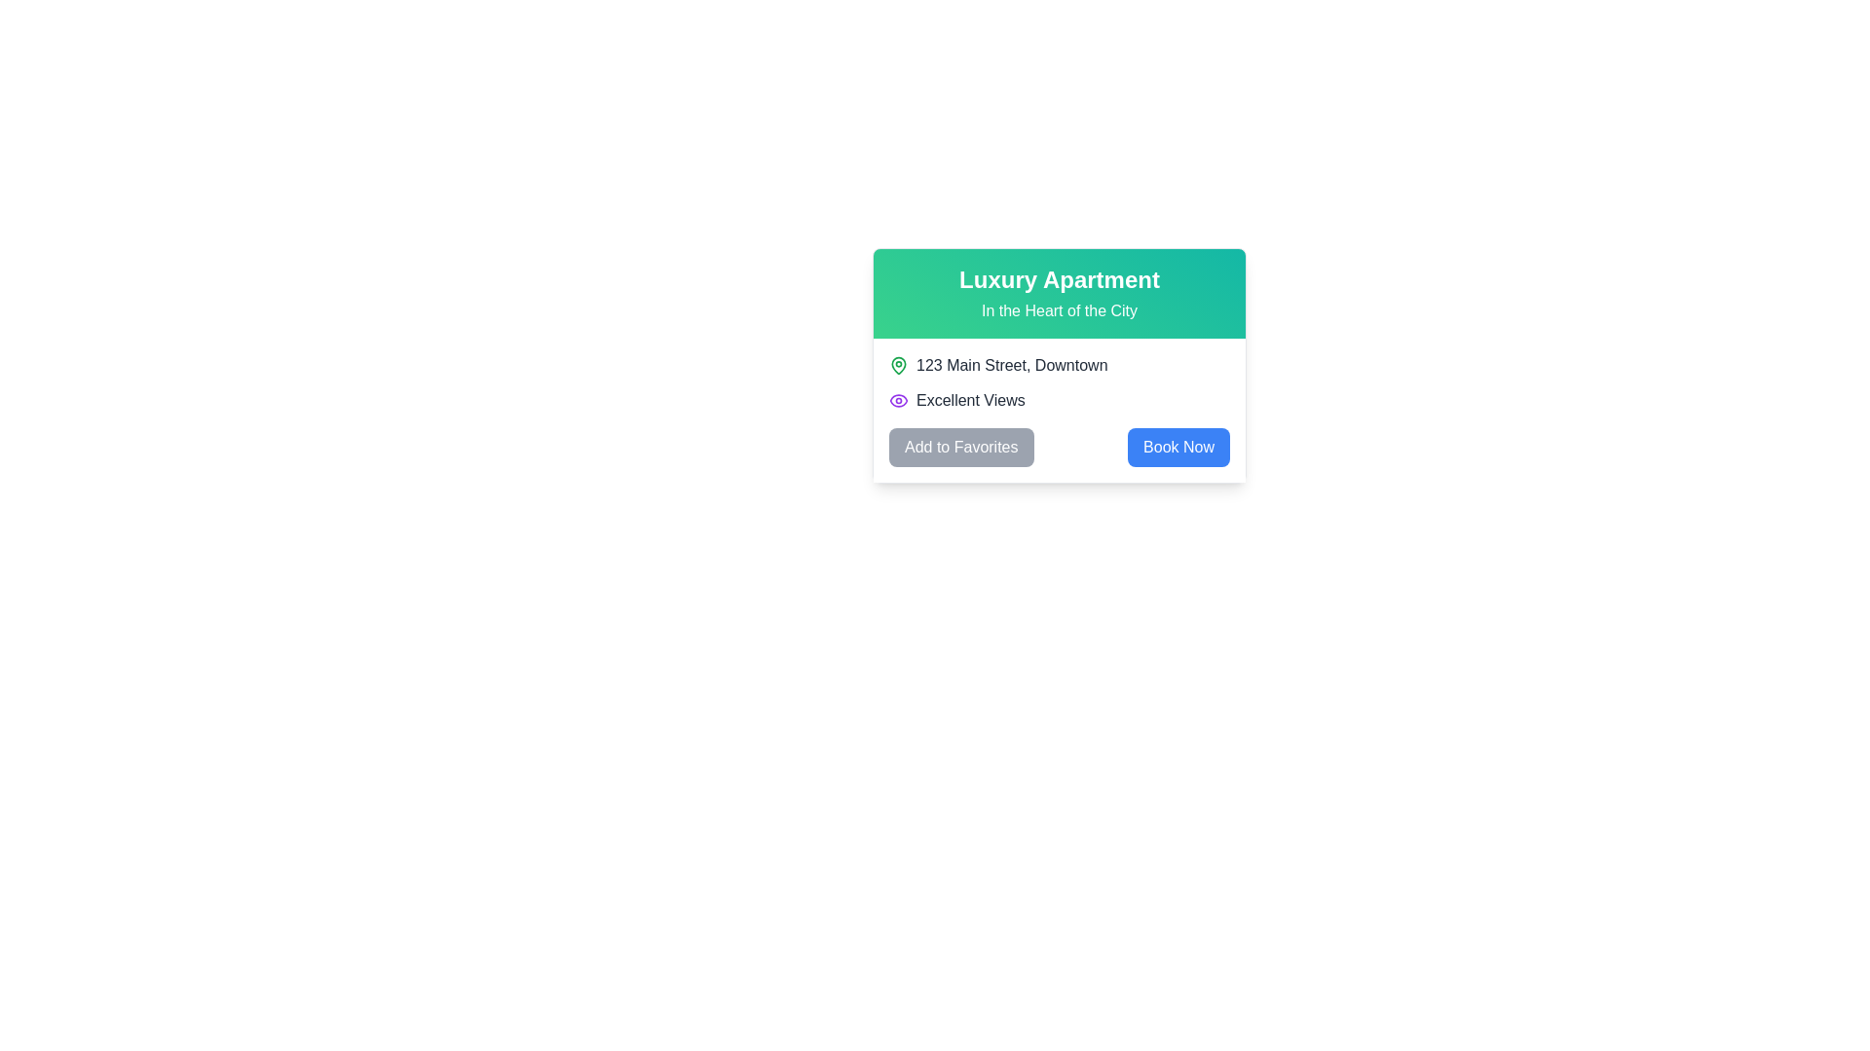 This screenshot has height=1051, width=1870. I want to click on text from the Text Label that serves as the main title for the Luxury Apartment card, positioned above the descriptive text 'In the Heart of the City', so click(1059, 280).